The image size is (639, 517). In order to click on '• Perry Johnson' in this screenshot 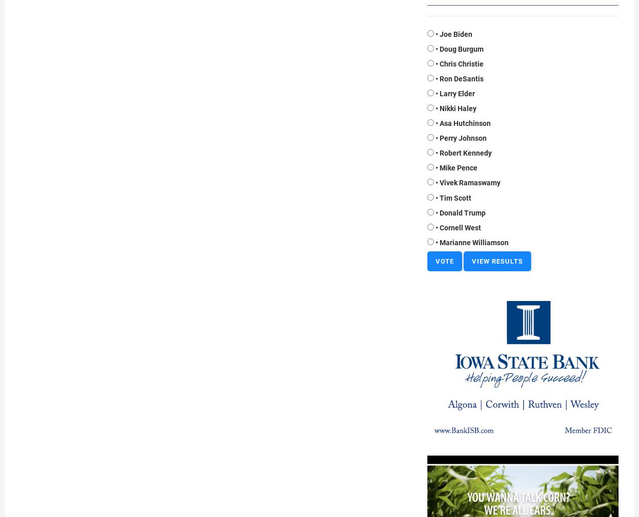, I will do `click(435, 138)`.